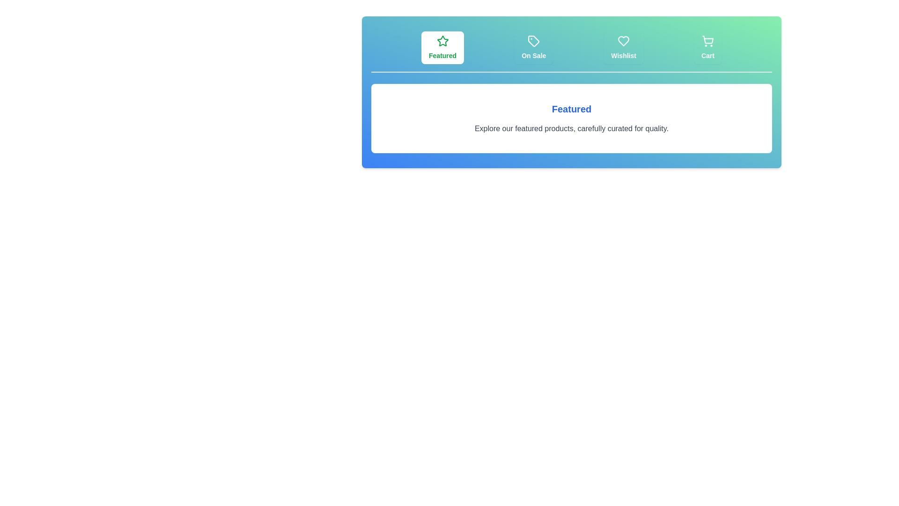 This screenshot has width=899, height=506. Describe the element at coordinates (708, 47) in the screenshot. I see `the tab labeled Cart to switch the view` at that location.